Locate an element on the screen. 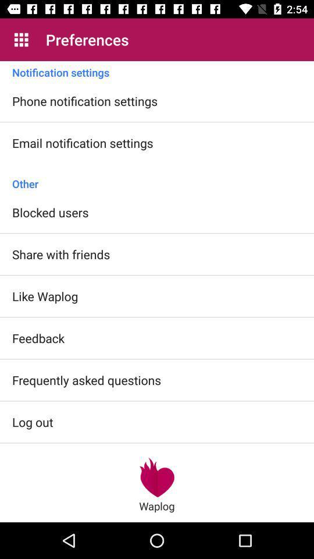 Image resolution: width=314 pixels, height=559 pixels. icon above blocked users item is located at coordinates (157, 178).